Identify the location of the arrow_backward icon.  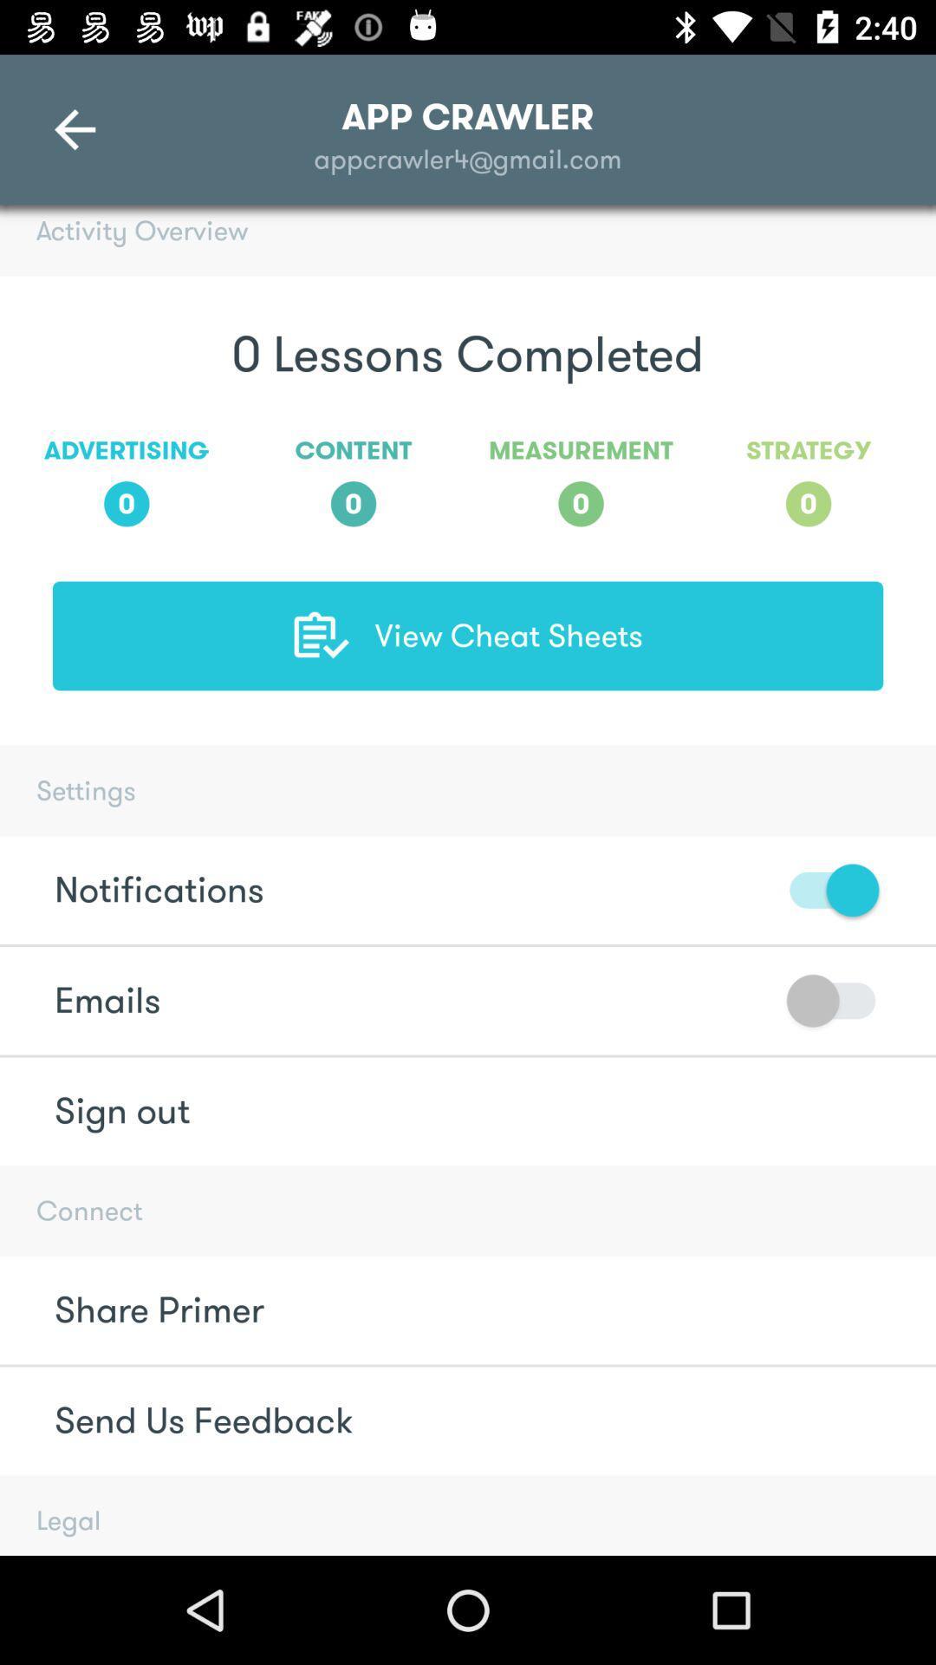
(74, 128).